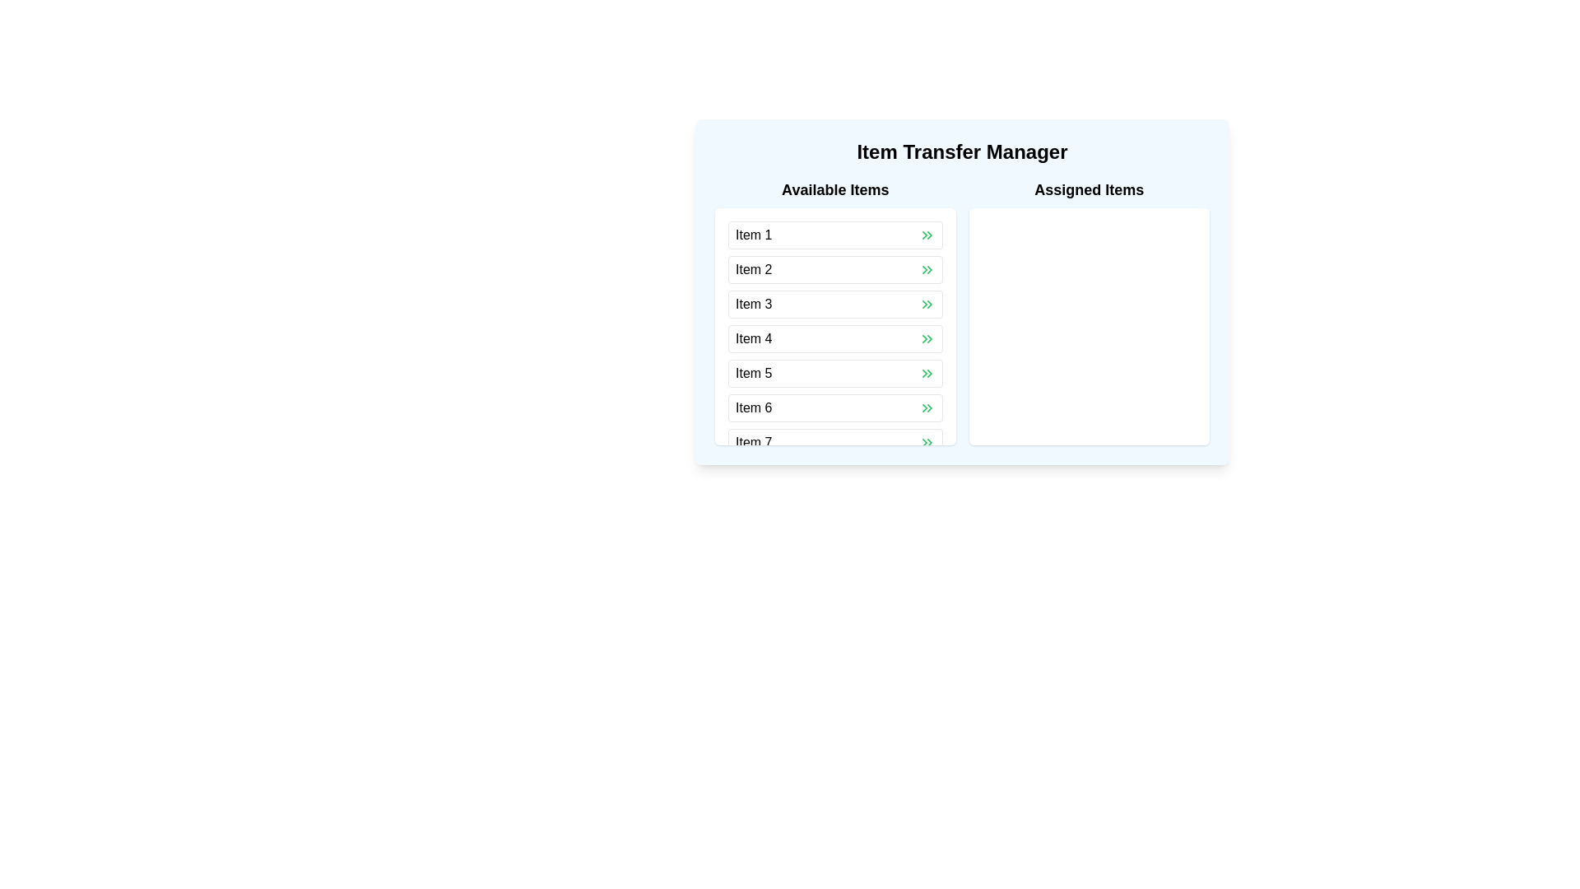  I want to click on the button-like list item labeled 'Item 7', so click(835, 441).